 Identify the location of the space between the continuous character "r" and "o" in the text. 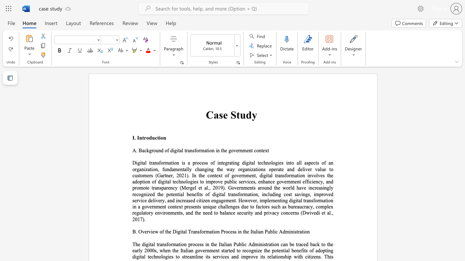
(146, 138).